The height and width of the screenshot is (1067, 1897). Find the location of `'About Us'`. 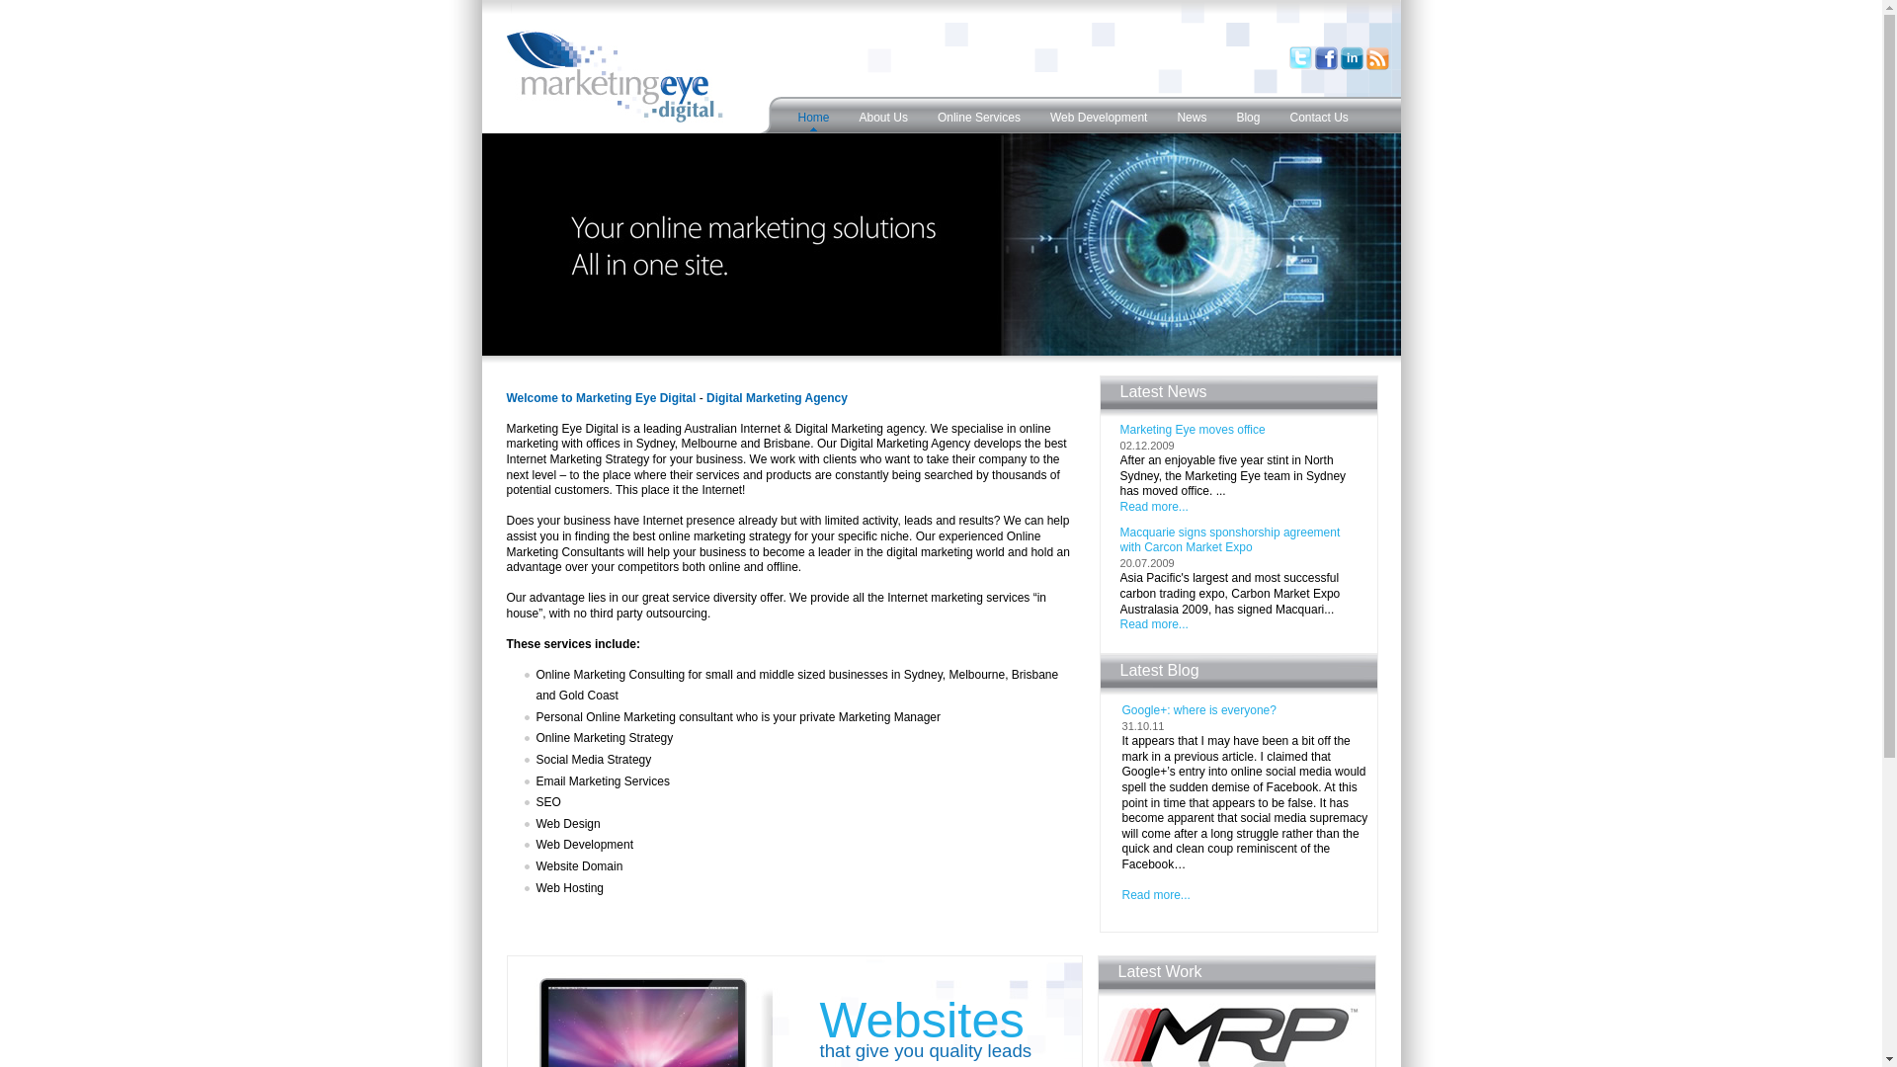

'About Us' is located at coordinates (882, 114).